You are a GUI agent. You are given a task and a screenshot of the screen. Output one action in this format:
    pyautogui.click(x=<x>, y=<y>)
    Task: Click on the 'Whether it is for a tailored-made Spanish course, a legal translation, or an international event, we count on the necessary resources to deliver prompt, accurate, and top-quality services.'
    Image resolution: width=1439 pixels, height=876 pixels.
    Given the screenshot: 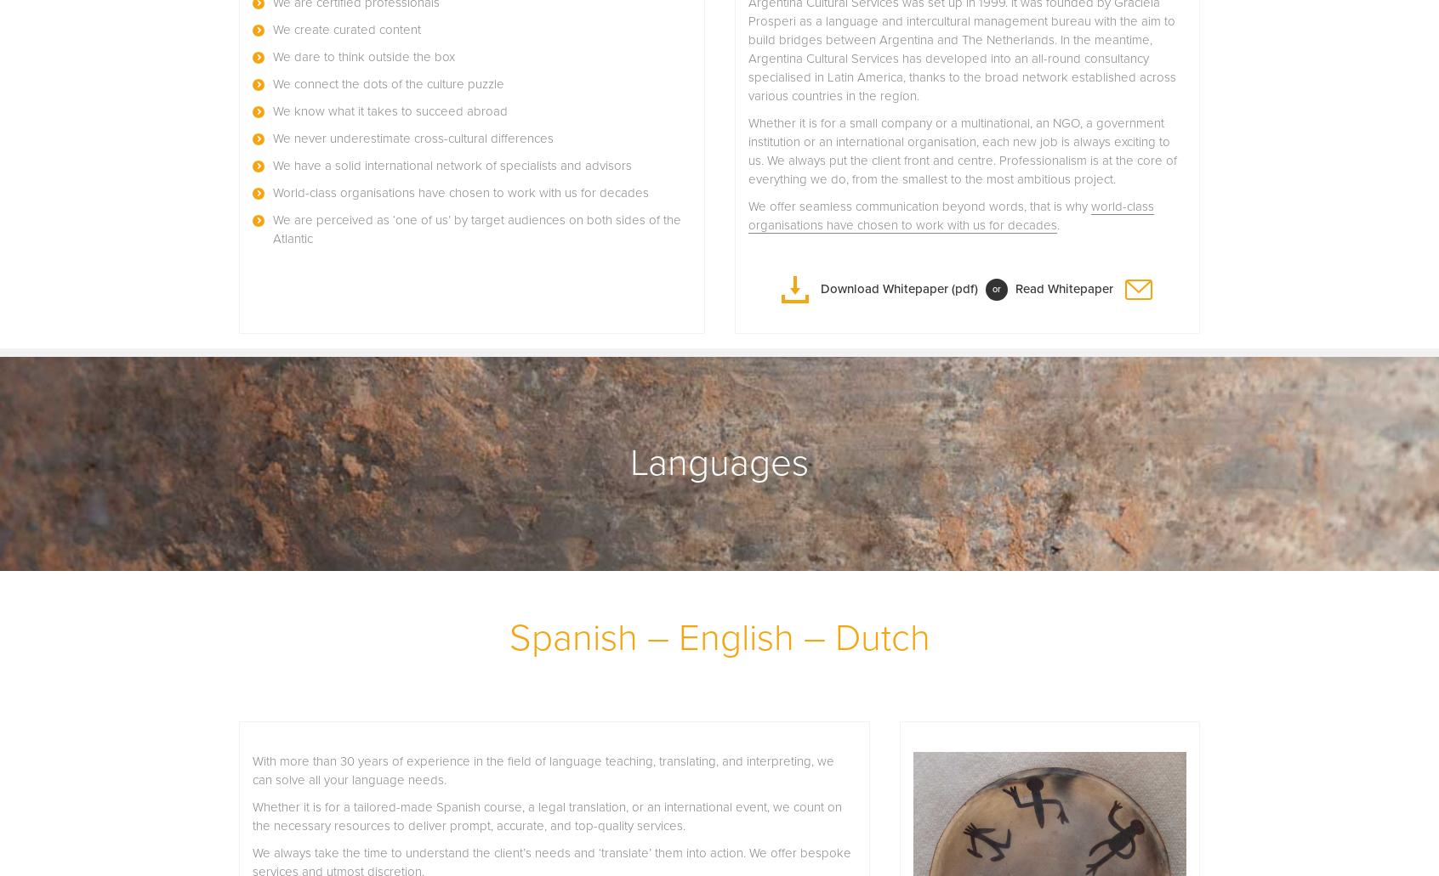 What is the action you would take?
    pyautogui.click(x=547, y=814)
    